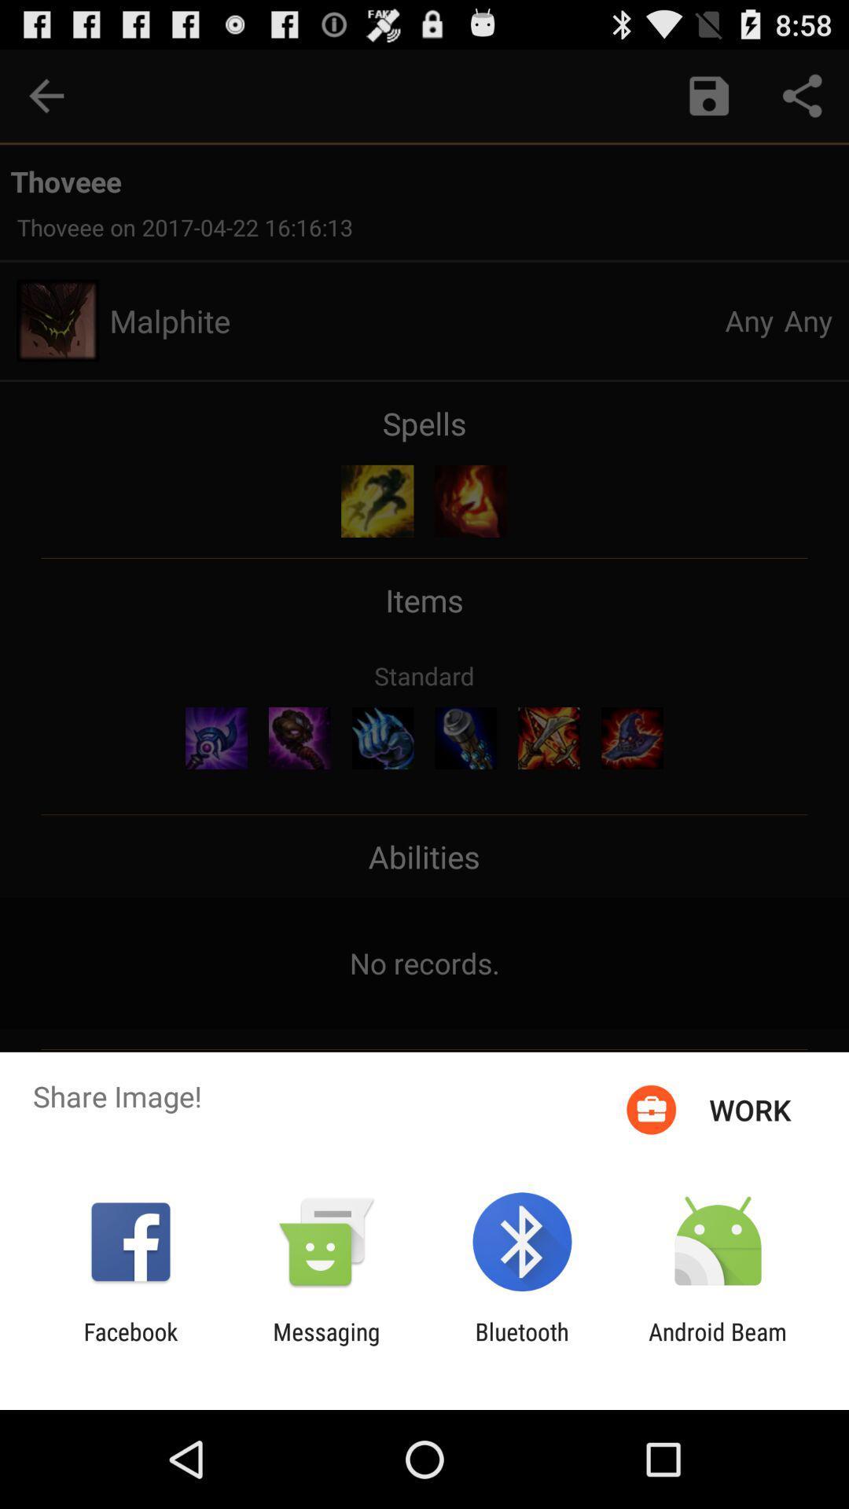 The height and width of the screenshot is (1509, 849). Describe the element at coordinates (130, 1345) in the screenshot. I see `facebook app` at that location.